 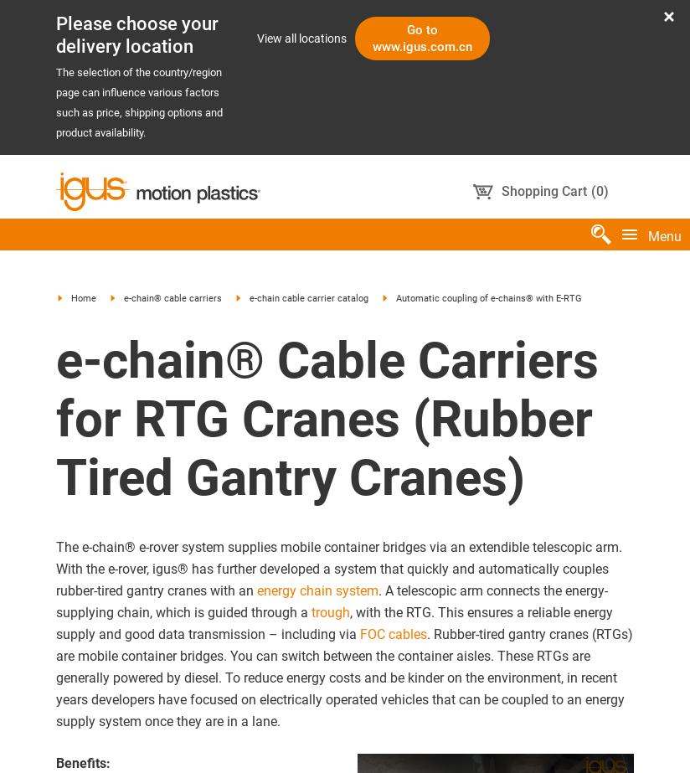 What do you see at coordinates (334, 621) in the screenshot?
I see `', with the RTG. This ensures a reliable energy supply and good data transmission – including via'` at bounding box center [334, 621].